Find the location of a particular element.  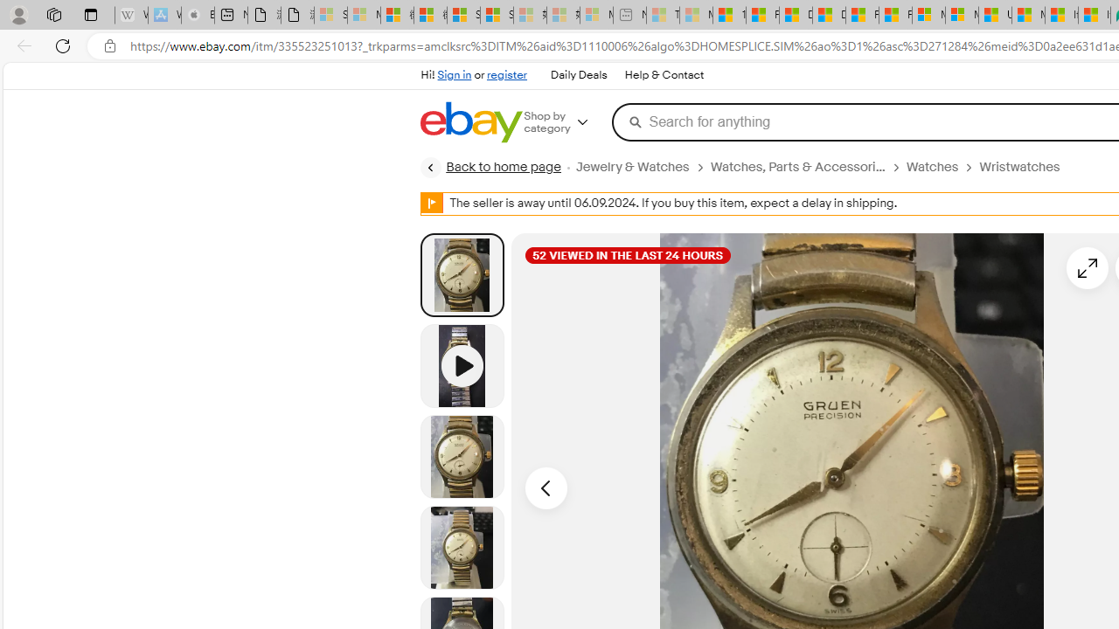

'WARNING' is located at coordinates (432, 202).